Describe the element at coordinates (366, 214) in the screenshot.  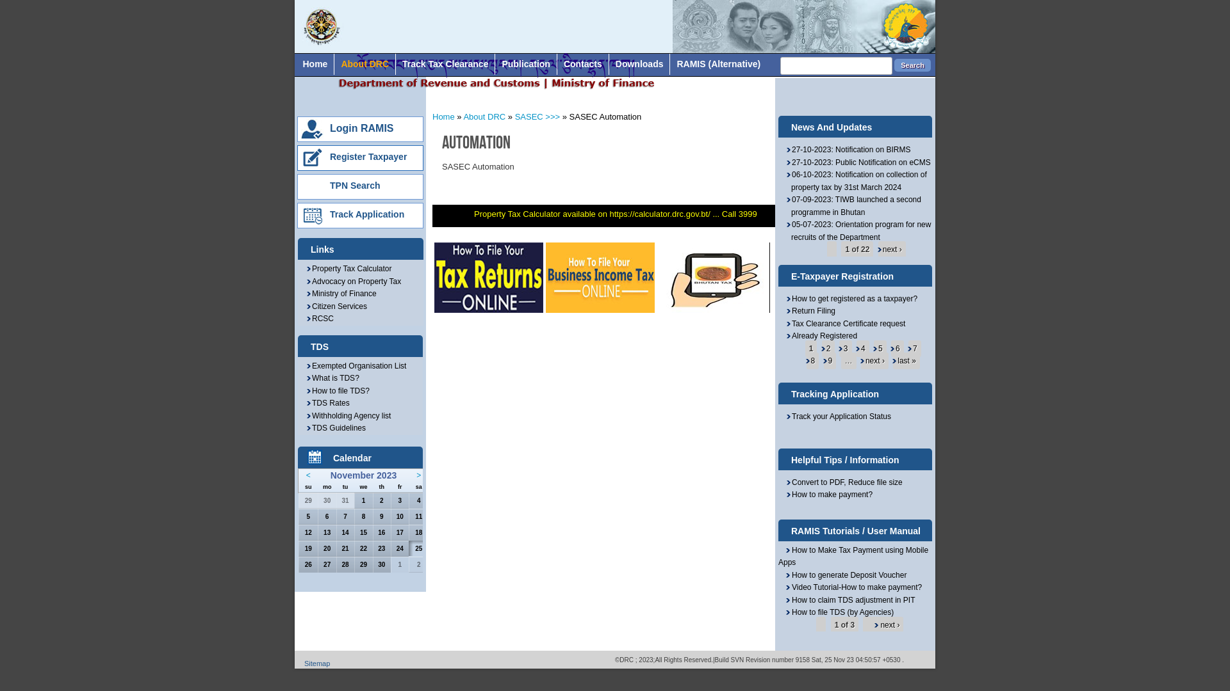
I see `'Track Application'` at that location.